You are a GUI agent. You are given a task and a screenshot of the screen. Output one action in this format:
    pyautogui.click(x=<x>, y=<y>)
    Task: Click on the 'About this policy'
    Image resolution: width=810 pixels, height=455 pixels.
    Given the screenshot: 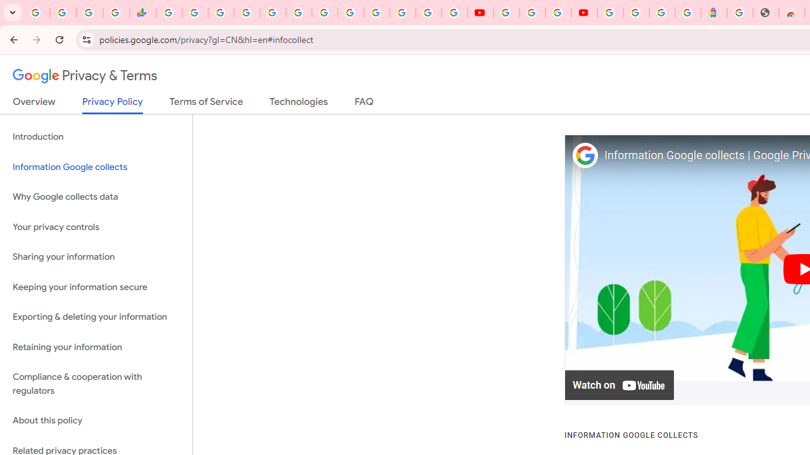 What is the action you would take?
    pyautogui.click(x=96, y=421)
    